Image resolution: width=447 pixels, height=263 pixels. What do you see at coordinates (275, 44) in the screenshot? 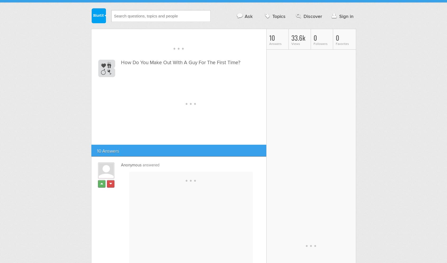
I see `'Answers'` at bounding box center [275, 44].